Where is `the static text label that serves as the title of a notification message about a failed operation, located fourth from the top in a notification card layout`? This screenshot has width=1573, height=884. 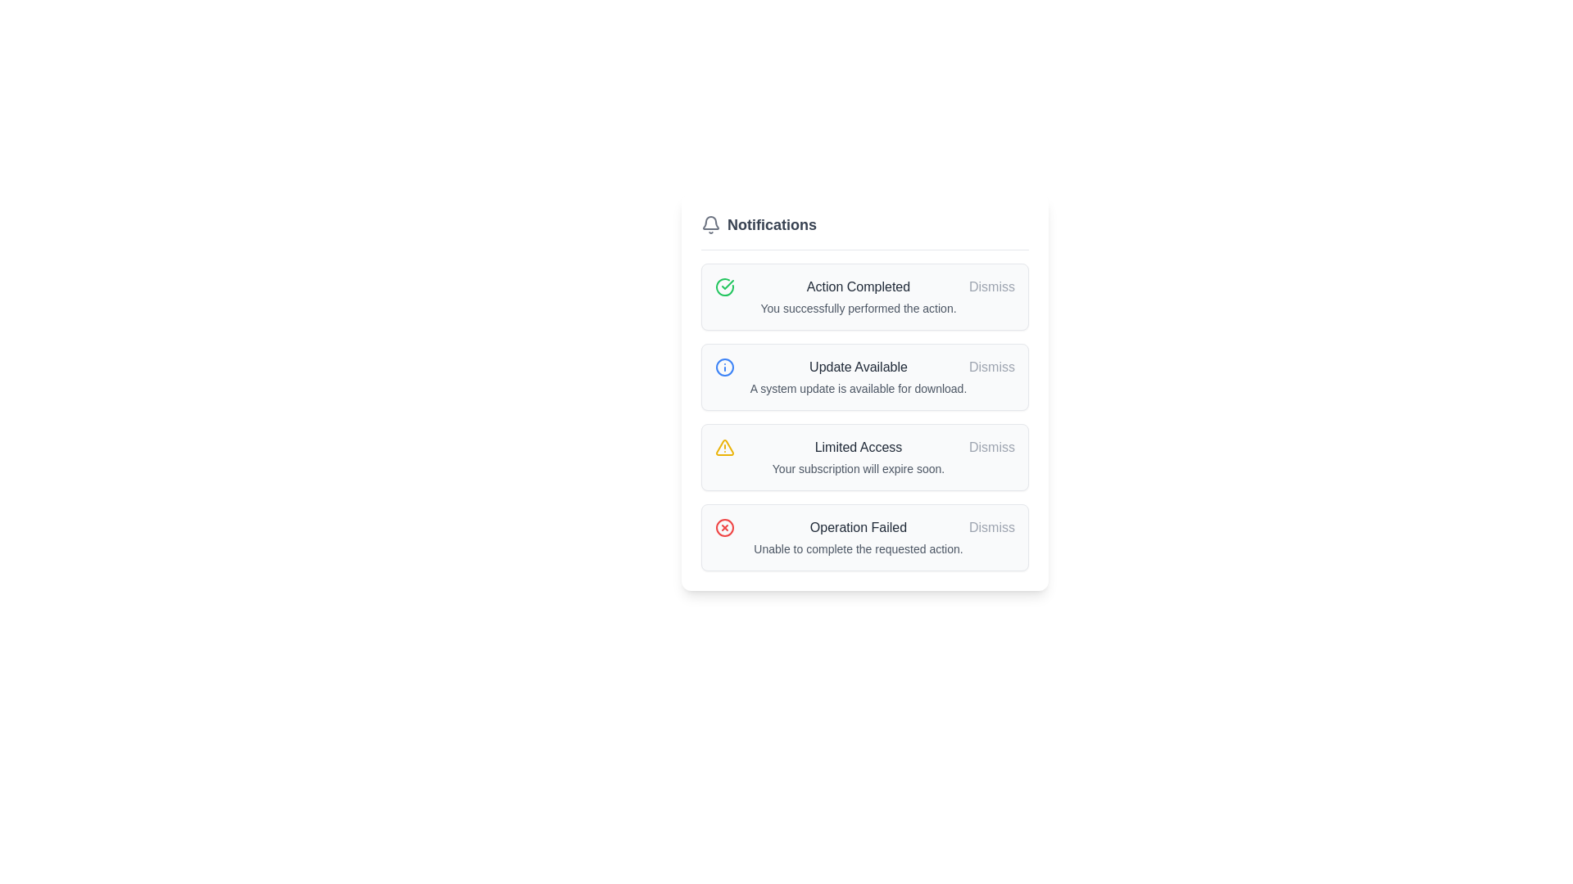
the static text label that serves as the title of a notification message about a failed operation, located fourth from the top in a notification card layout is located at coordinates (857, 527).